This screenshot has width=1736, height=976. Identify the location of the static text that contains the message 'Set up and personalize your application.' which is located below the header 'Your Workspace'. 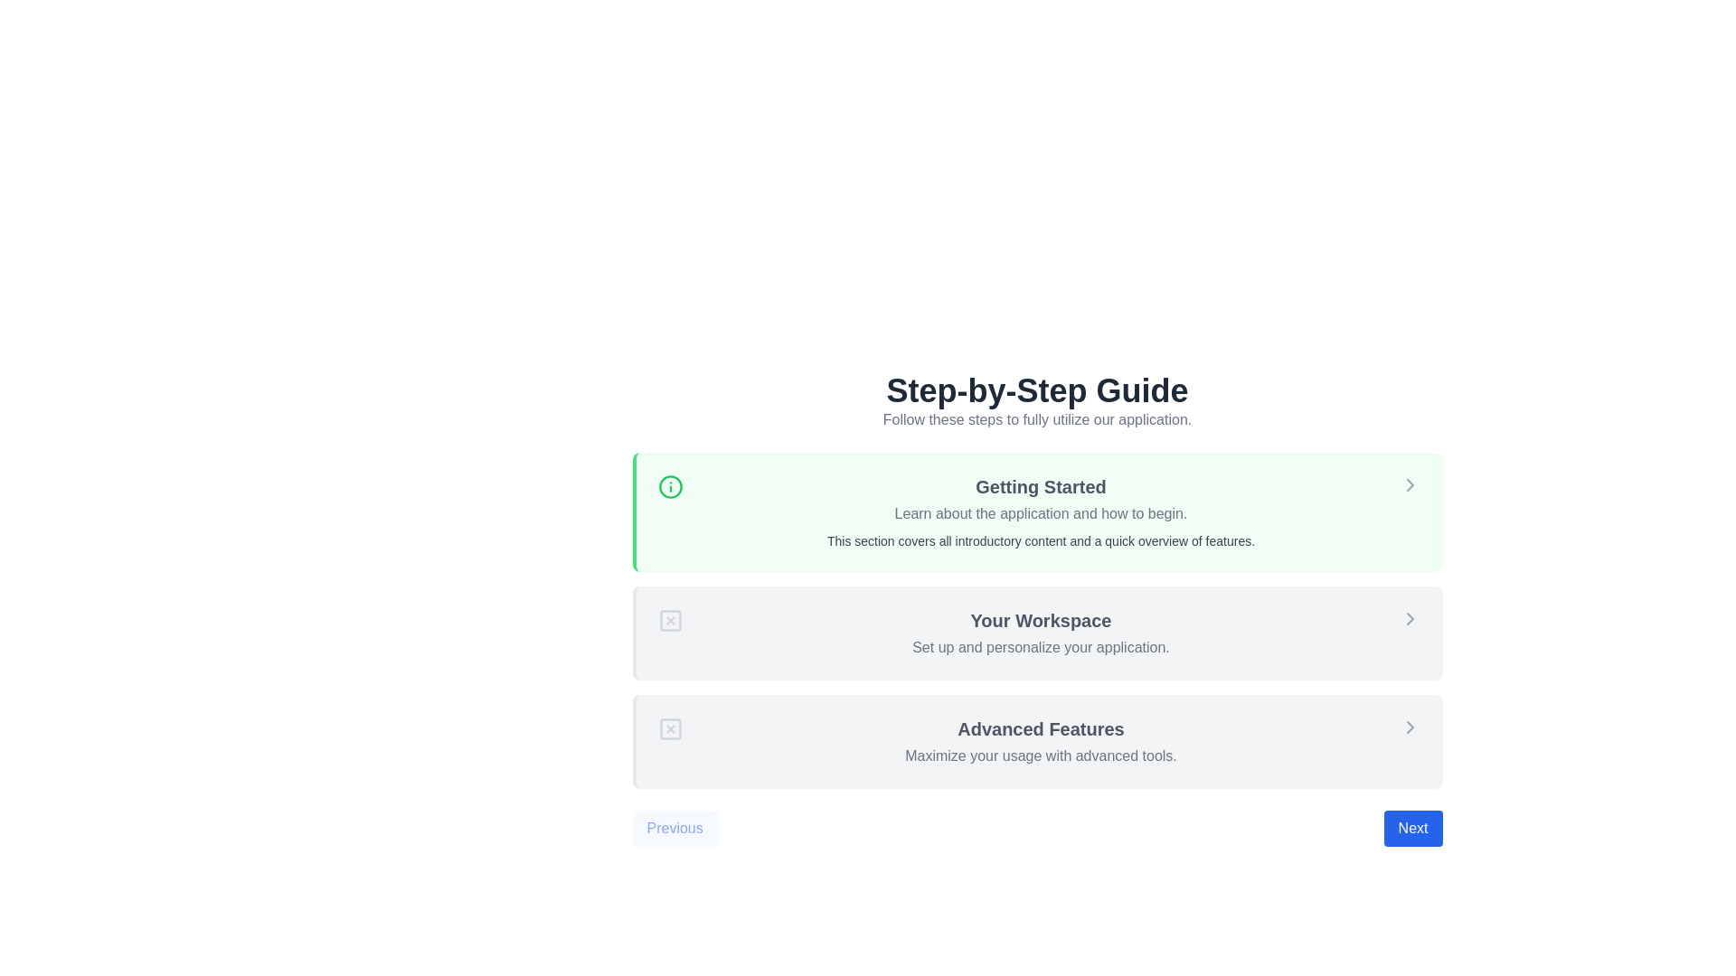
(1041, 647).